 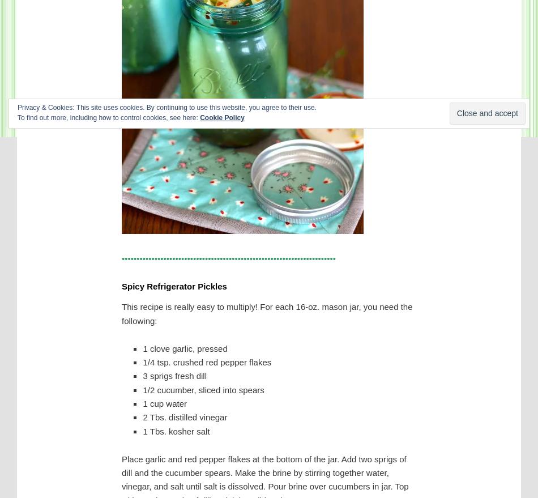 What do you see at coordinates (184, 416) in the screenshot?
I see `'2 Tbs. distilled vinegar'` at bounding box center [184, 416].